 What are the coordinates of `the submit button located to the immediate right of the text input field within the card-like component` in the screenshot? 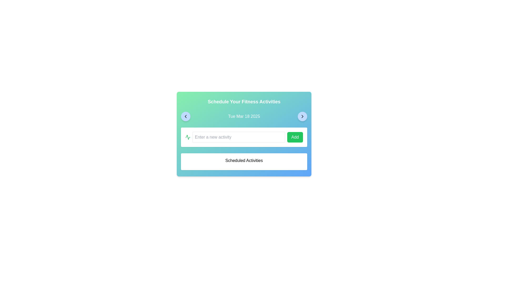 It's located at (295, 137).